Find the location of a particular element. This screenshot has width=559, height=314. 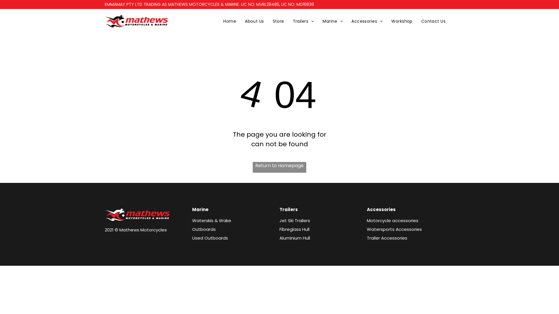

'Used Outboards' is located at coordinates (210, 238).